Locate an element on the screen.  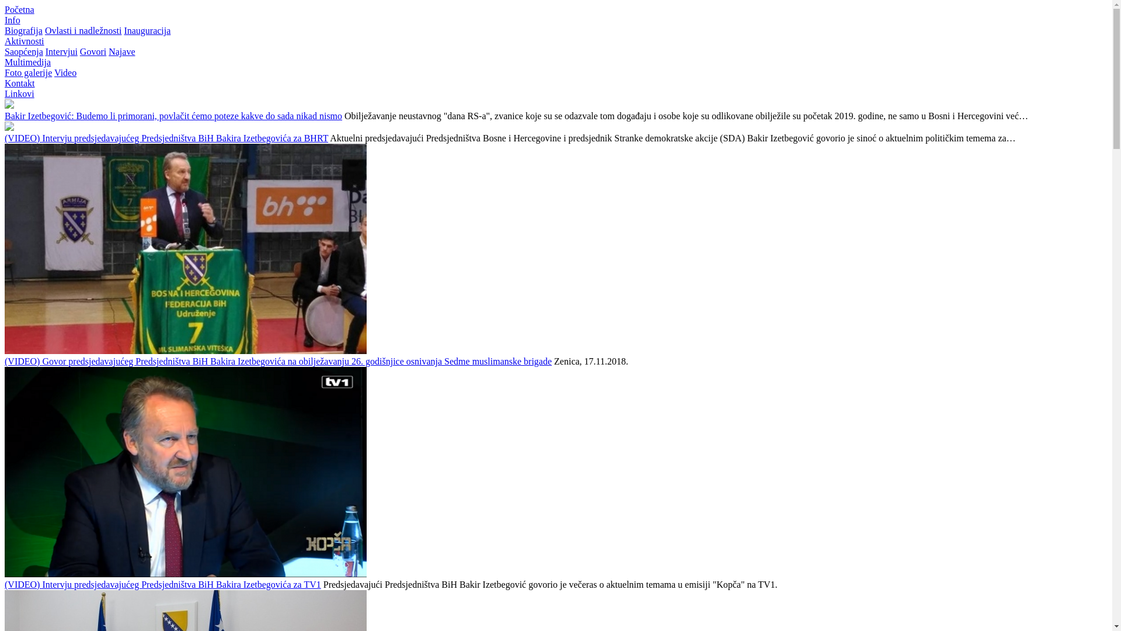
'Inauguracija' is located at coordinates (146, 30).